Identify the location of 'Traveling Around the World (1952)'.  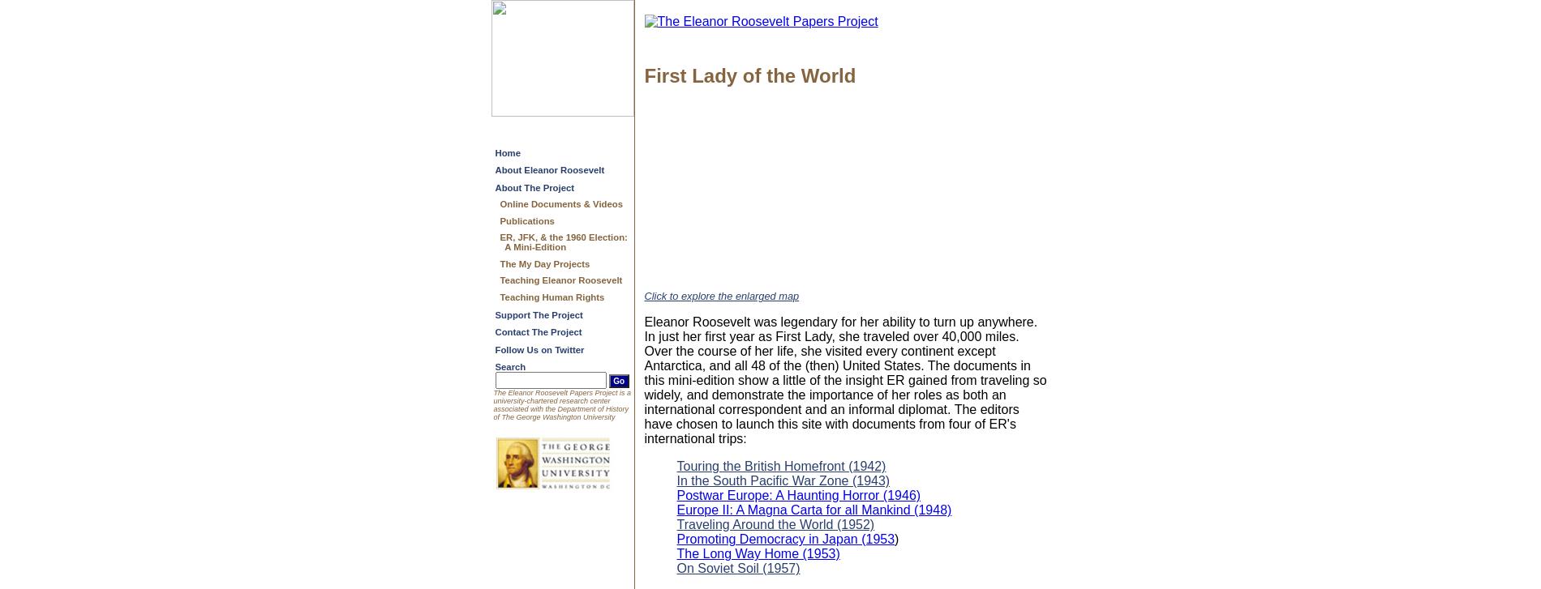
(775, 523).